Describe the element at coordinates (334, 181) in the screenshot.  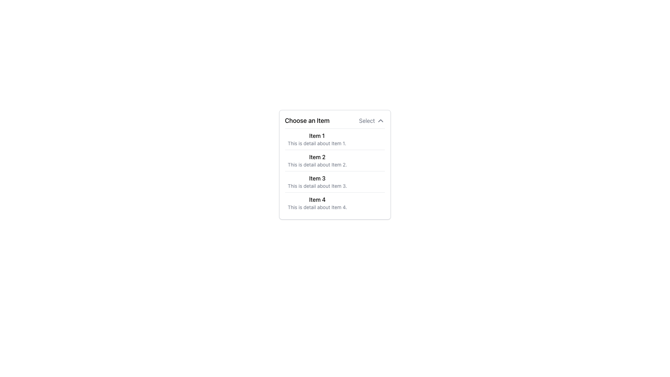
I see `the third list item titled 'Item 3'` at that location.